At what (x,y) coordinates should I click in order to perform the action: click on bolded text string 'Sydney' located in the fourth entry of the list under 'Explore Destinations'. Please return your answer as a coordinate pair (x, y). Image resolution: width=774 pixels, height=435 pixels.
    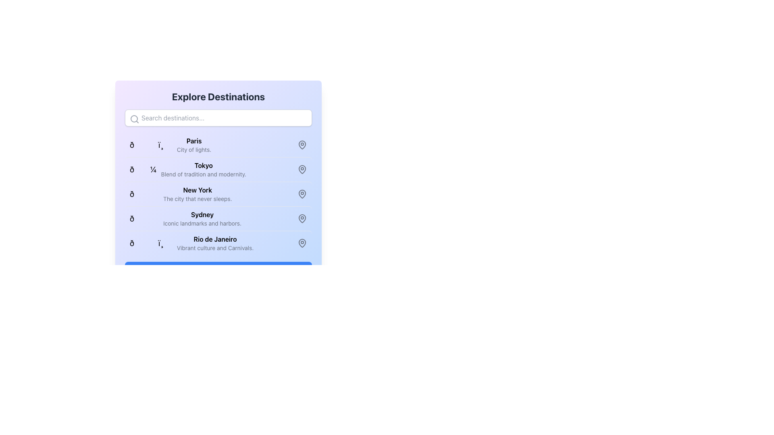
    Looking at the image, I should click on (202, 214).